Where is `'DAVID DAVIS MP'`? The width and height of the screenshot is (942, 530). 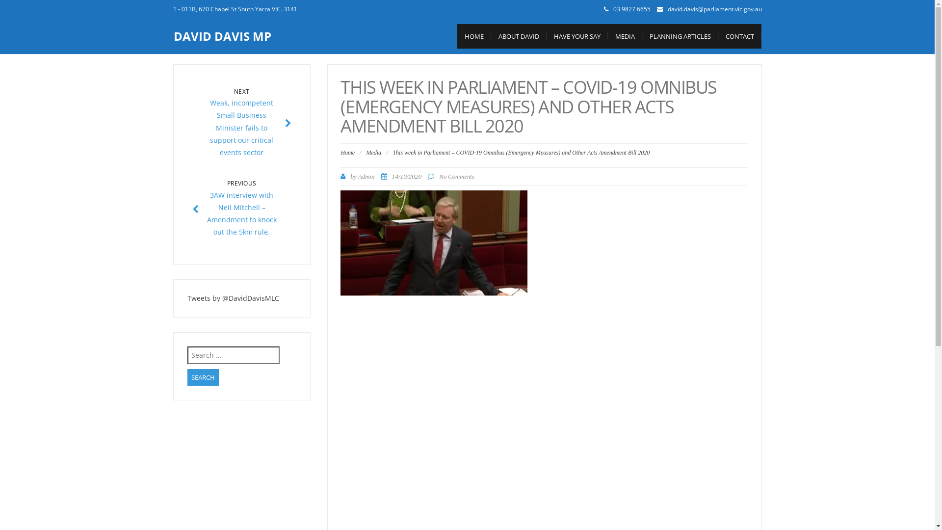 'DAVID DAVIS MP' is located at coordinates (222, 35).